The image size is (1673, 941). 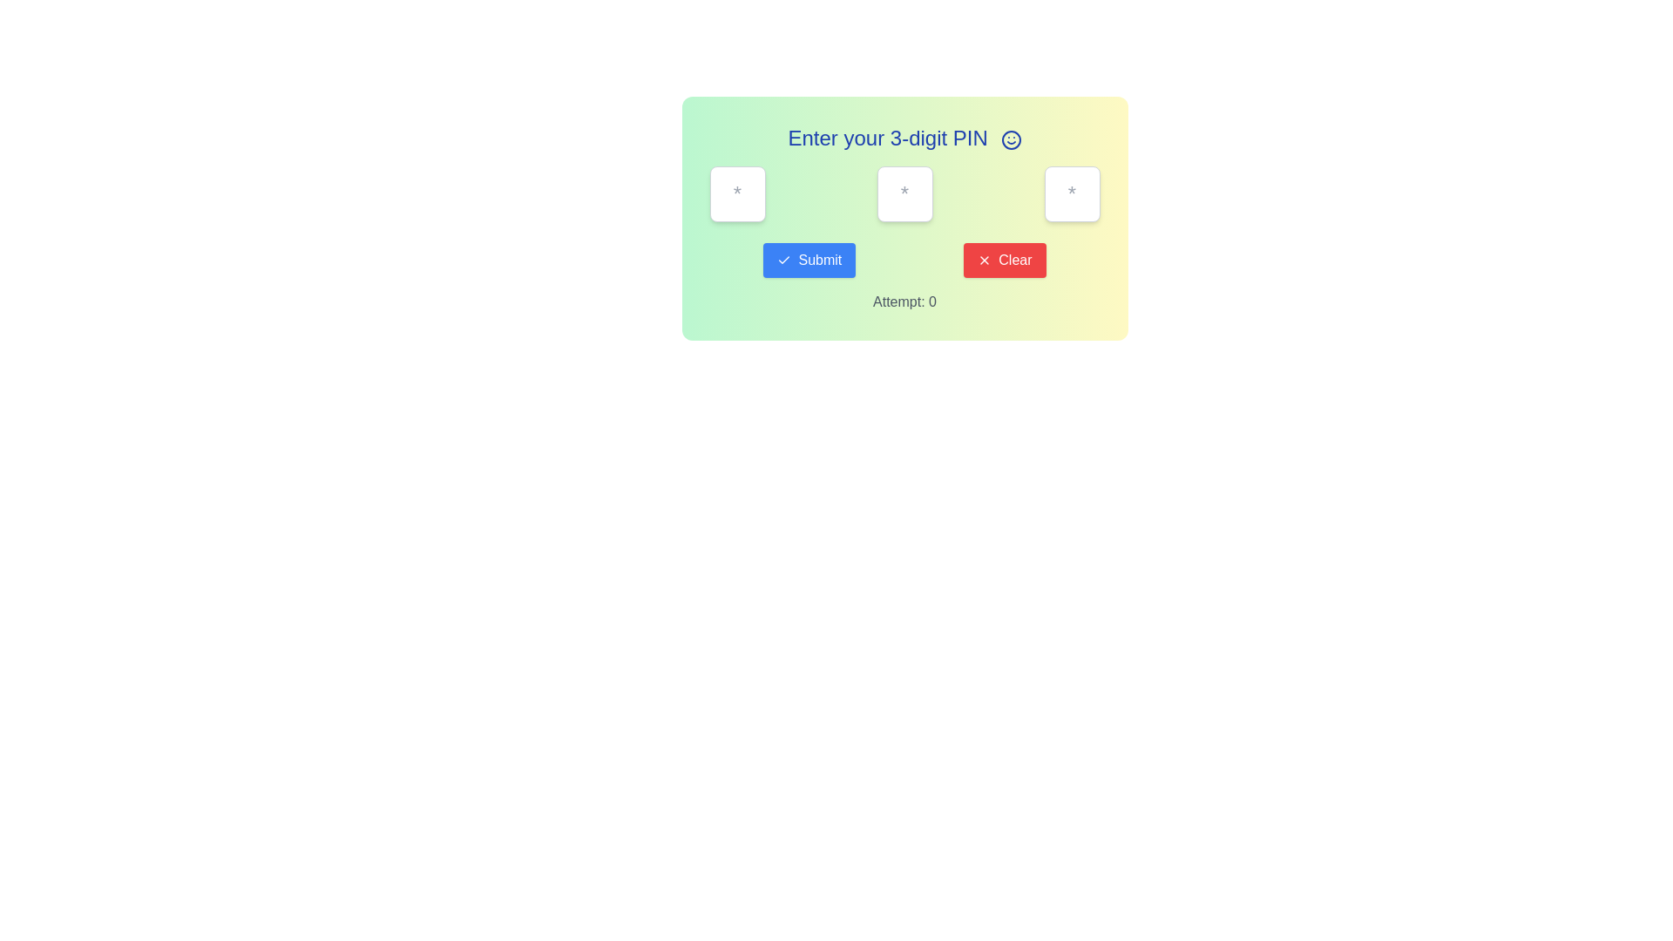 I want to click on the static informational text label that displays the current number of attempts made by the user, located at the bottom of the card-like interactive area, so click(x=904, y=301).